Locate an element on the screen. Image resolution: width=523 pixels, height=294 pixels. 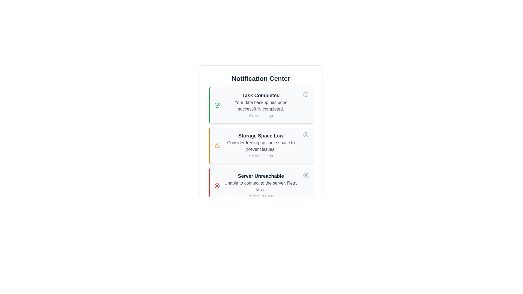
text content of the title label located at the top of the second notification card in the notification center is located at coordinates (261, 135).